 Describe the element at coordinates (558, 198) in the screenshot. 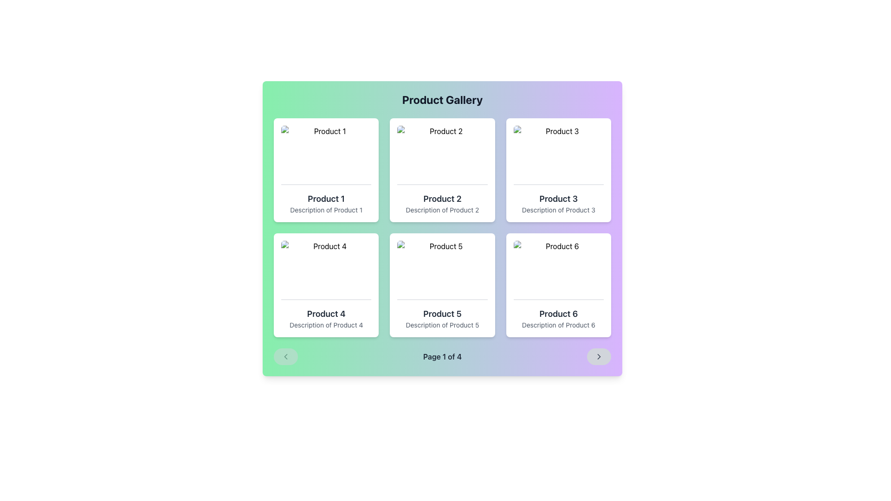

I see `the static text label that represents the title of the product within a product listing card, located below the product image and above the product description` at that location.